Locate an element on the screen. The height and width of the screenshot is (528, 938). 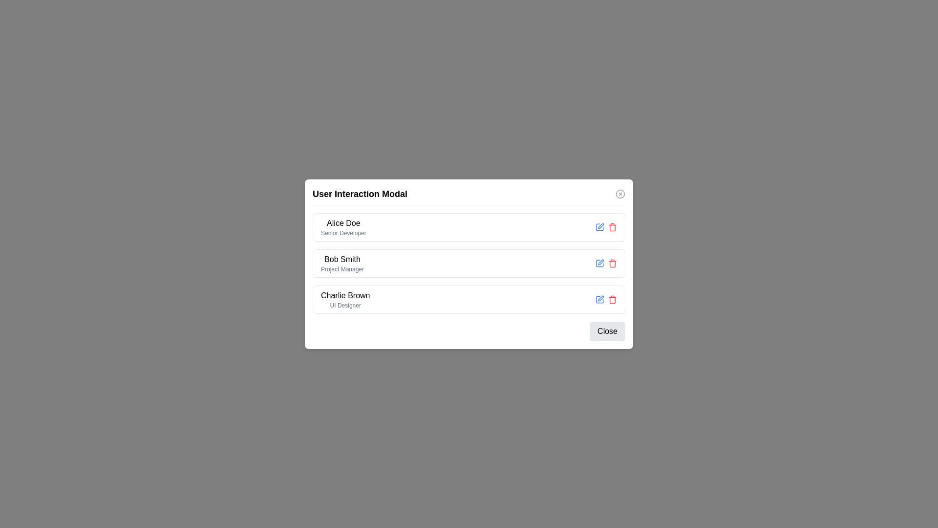
the delete button with an icon located to the right of the row containing 'Charlie Brown - UI Designer' is located at coordinates (612, 299).